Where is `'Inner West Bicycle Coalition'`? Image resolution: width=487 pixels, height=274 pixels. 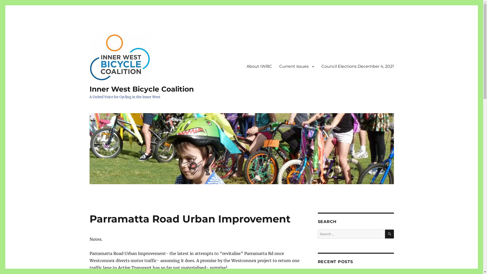
'Inner West Bicycle Coalition' is located at coordinates (141, 89).